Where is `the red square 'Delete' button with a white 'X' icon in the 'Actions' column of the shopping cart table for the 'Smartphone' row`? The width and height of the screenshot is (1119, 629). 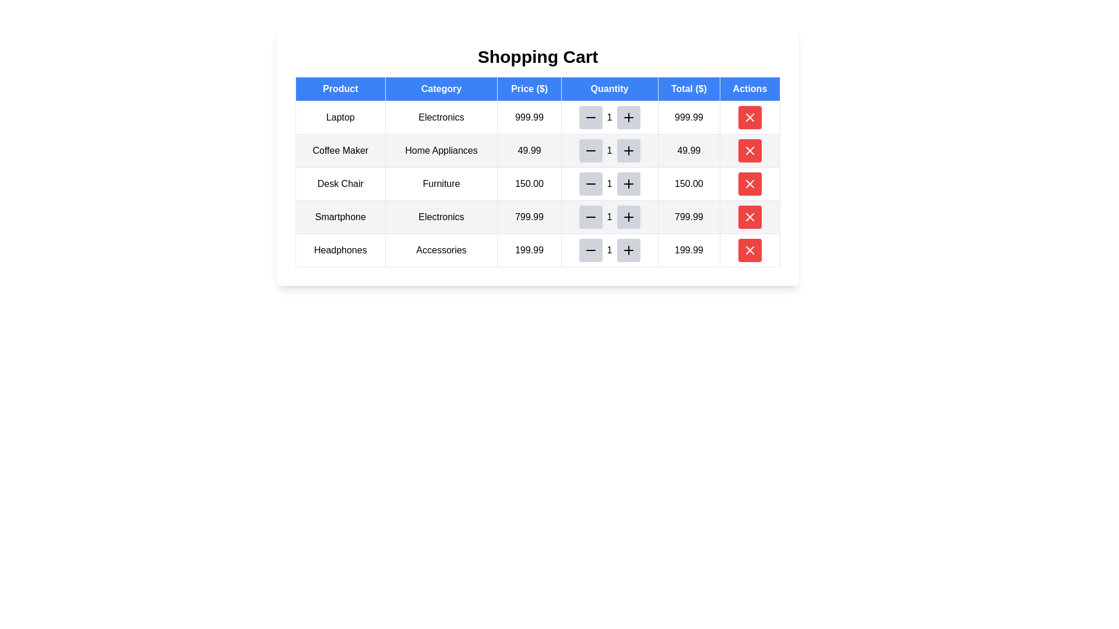
the red square 'Delete' button with a white 'X' icon in the 'Actions' column of the shopping cart table for the 'Smartphone' row is located at coordinates (749, 217).